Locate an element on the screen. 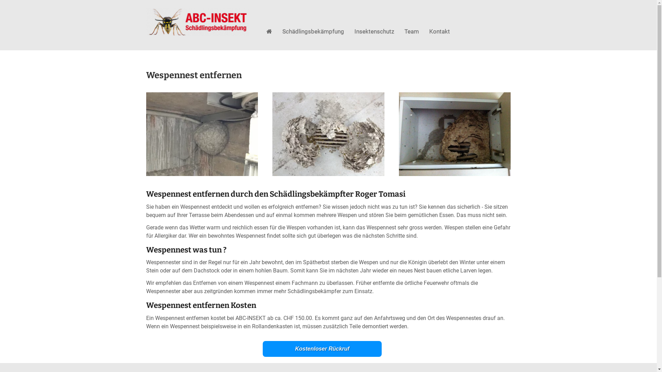 This screenshot has height=372, width=662. 'Insektenschutz' is located at coordinates (374, 31).